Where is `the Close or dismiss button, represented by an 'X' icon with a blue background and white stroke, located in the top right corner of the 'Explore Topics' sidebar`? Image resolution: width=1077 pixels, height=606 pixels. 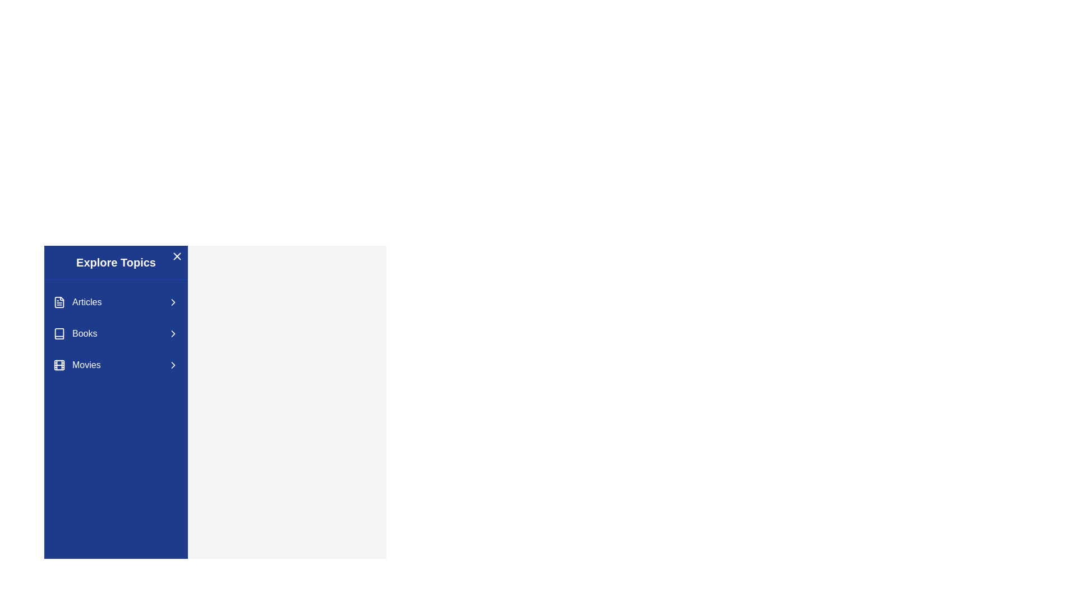
the Close or dismiss button, represented by an 'X' icon with a blue background and white stroke, located in the top right corner of the 'Explore Topics' sidebar is located at coordinates (177, 256).